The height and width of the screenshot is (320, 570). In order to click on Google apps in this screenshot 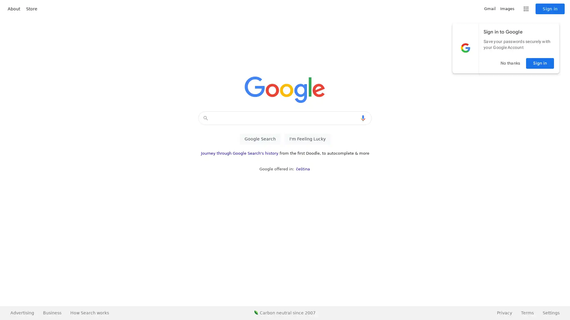, I will do `click(526, 9)`.